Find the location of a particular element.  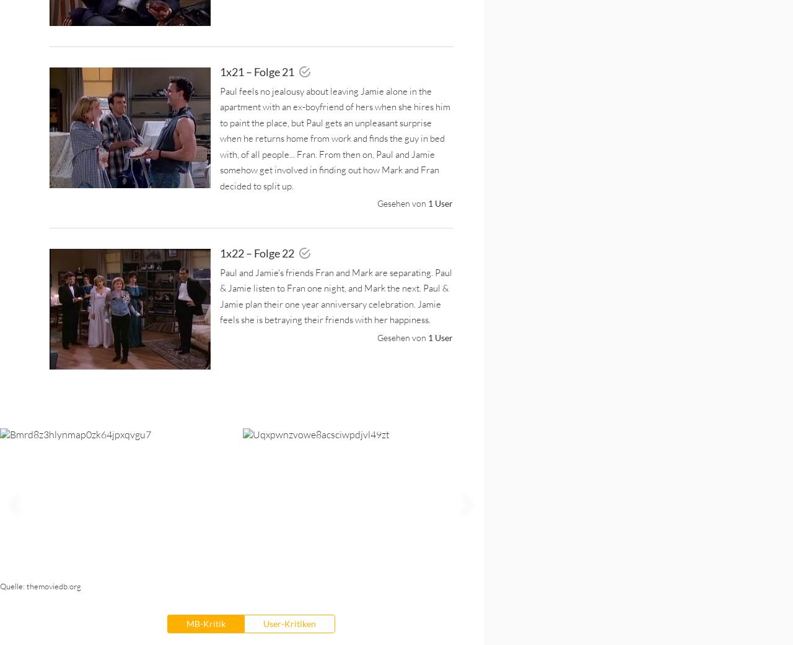

'Paul feels no jealousy about leaving Jamie alone in the apartment with an ex-boyfriend of hers when she hires him to paint the place, but Paul gets an unpleasant surprise when he returns home from work and finds the guy in bed with, of all people... Fran. From then on, Paul and Jamie somehow get involved in finding out how Mark and Fran decided to split up.' is located at coordinates (335, 137).